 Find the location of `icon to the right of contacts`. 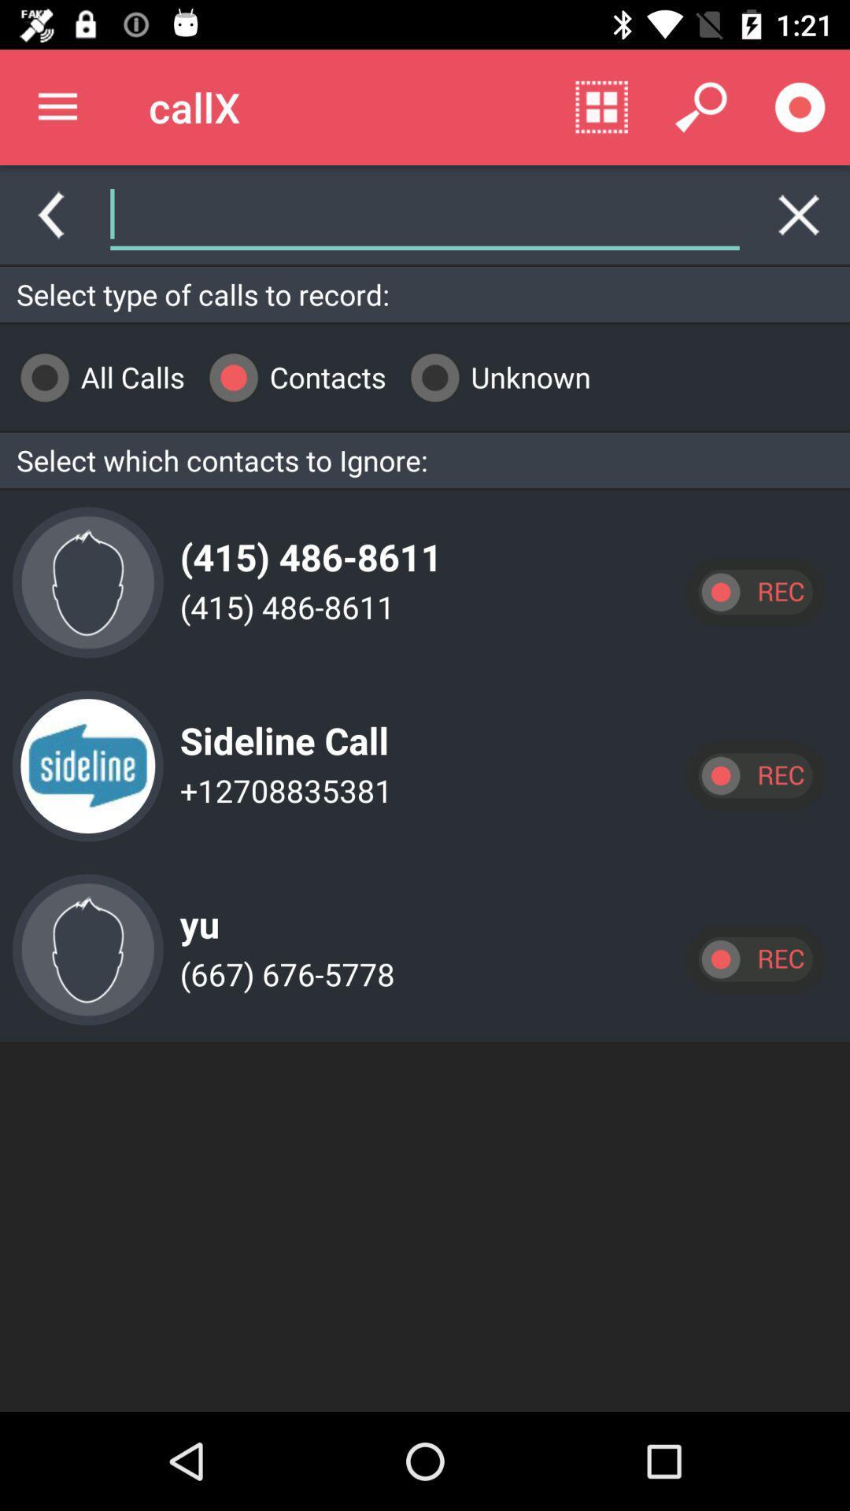

icon to the right of contacts is located at coordinates (493, 376).